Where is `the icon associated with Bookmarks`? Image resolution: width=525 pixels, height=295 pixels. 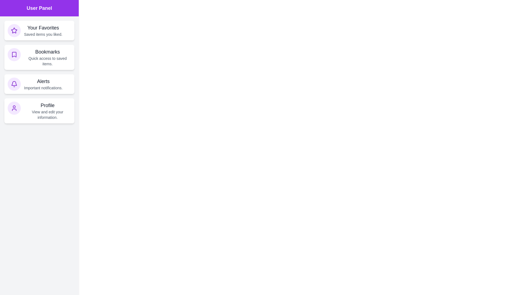 the icon associated with Bookmarks is located at coordinates (14, 55).